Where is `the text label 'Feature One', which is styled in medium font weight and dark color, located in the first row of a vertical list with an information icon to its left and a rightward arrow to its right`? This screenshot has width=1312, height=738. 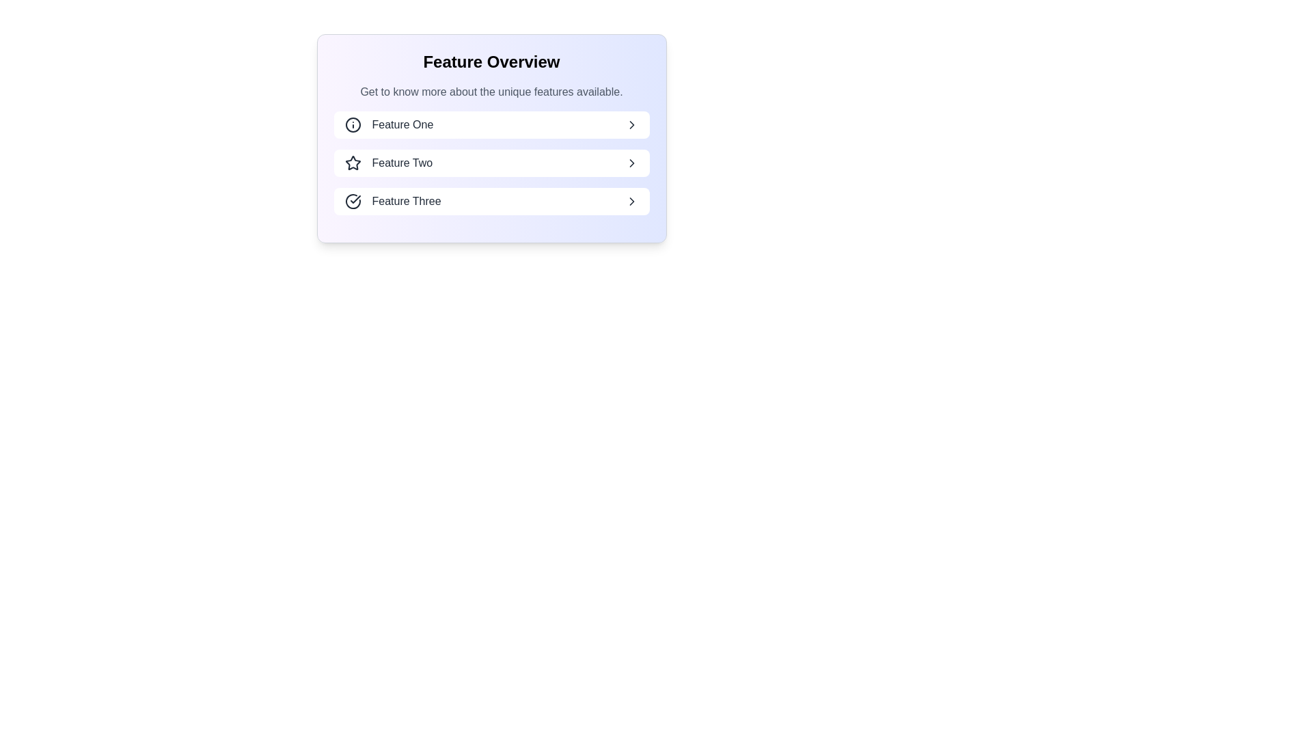 the text label 'Feature One', which is styled in medium font weight and dark color, located in the first row of a vertical list with an information icon to its left and a rightward arrow to its right is located at coordinates (402, 124).